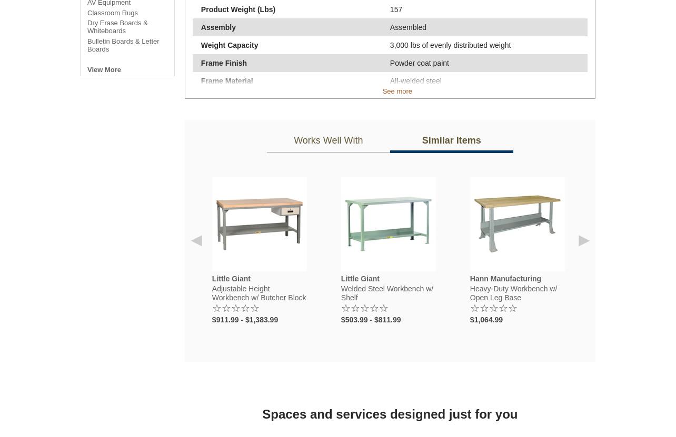  I want to click on 'Frame Material', so click(226, 80).